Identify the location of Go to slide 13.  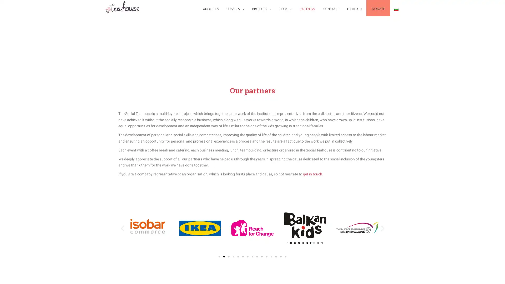
(276, 256).